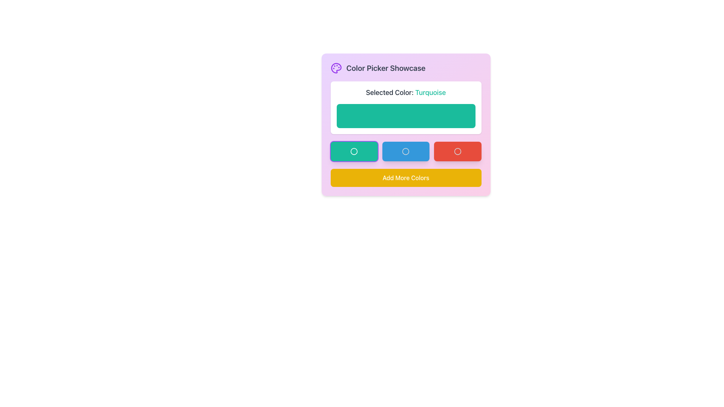 This screenshot has width=724, height=407. Describe the element at coordinates (405, 151) in the screenshot. I see `the middle button containing a circular icon with a hollow center, styled with a light gray outline against a blue square background, located below the 'Selected Color' section` at that location.